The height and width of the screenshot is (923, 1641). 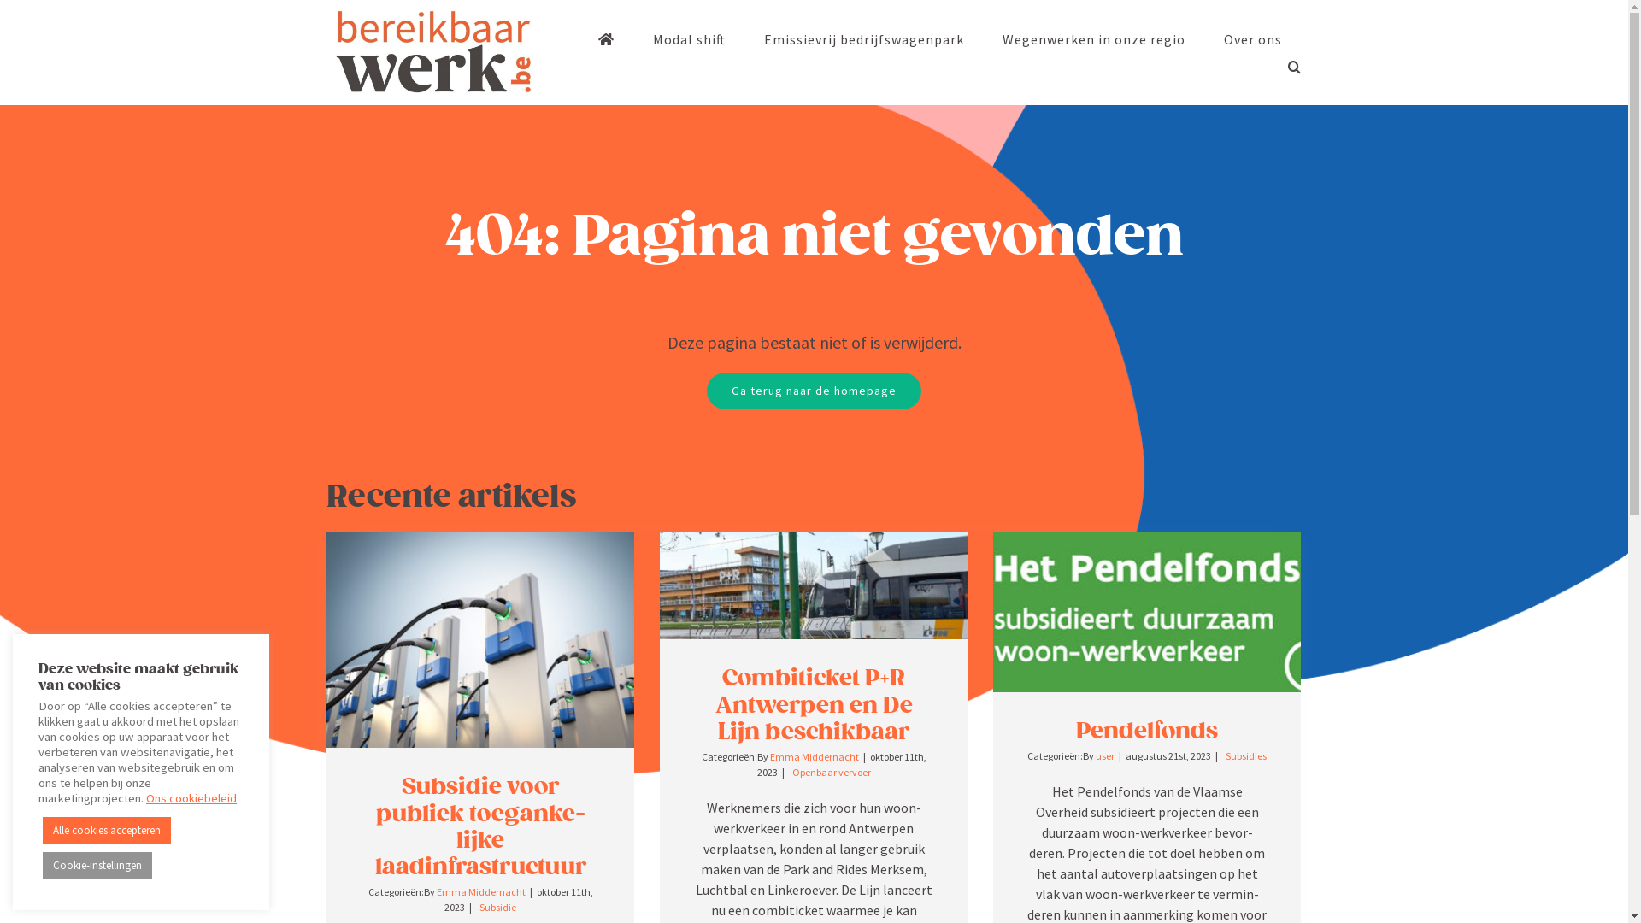 What do you see at coordinates (814, 755) in the screenshot?
I see `'Emma Middernacht'` at bounding box center [814, 755].